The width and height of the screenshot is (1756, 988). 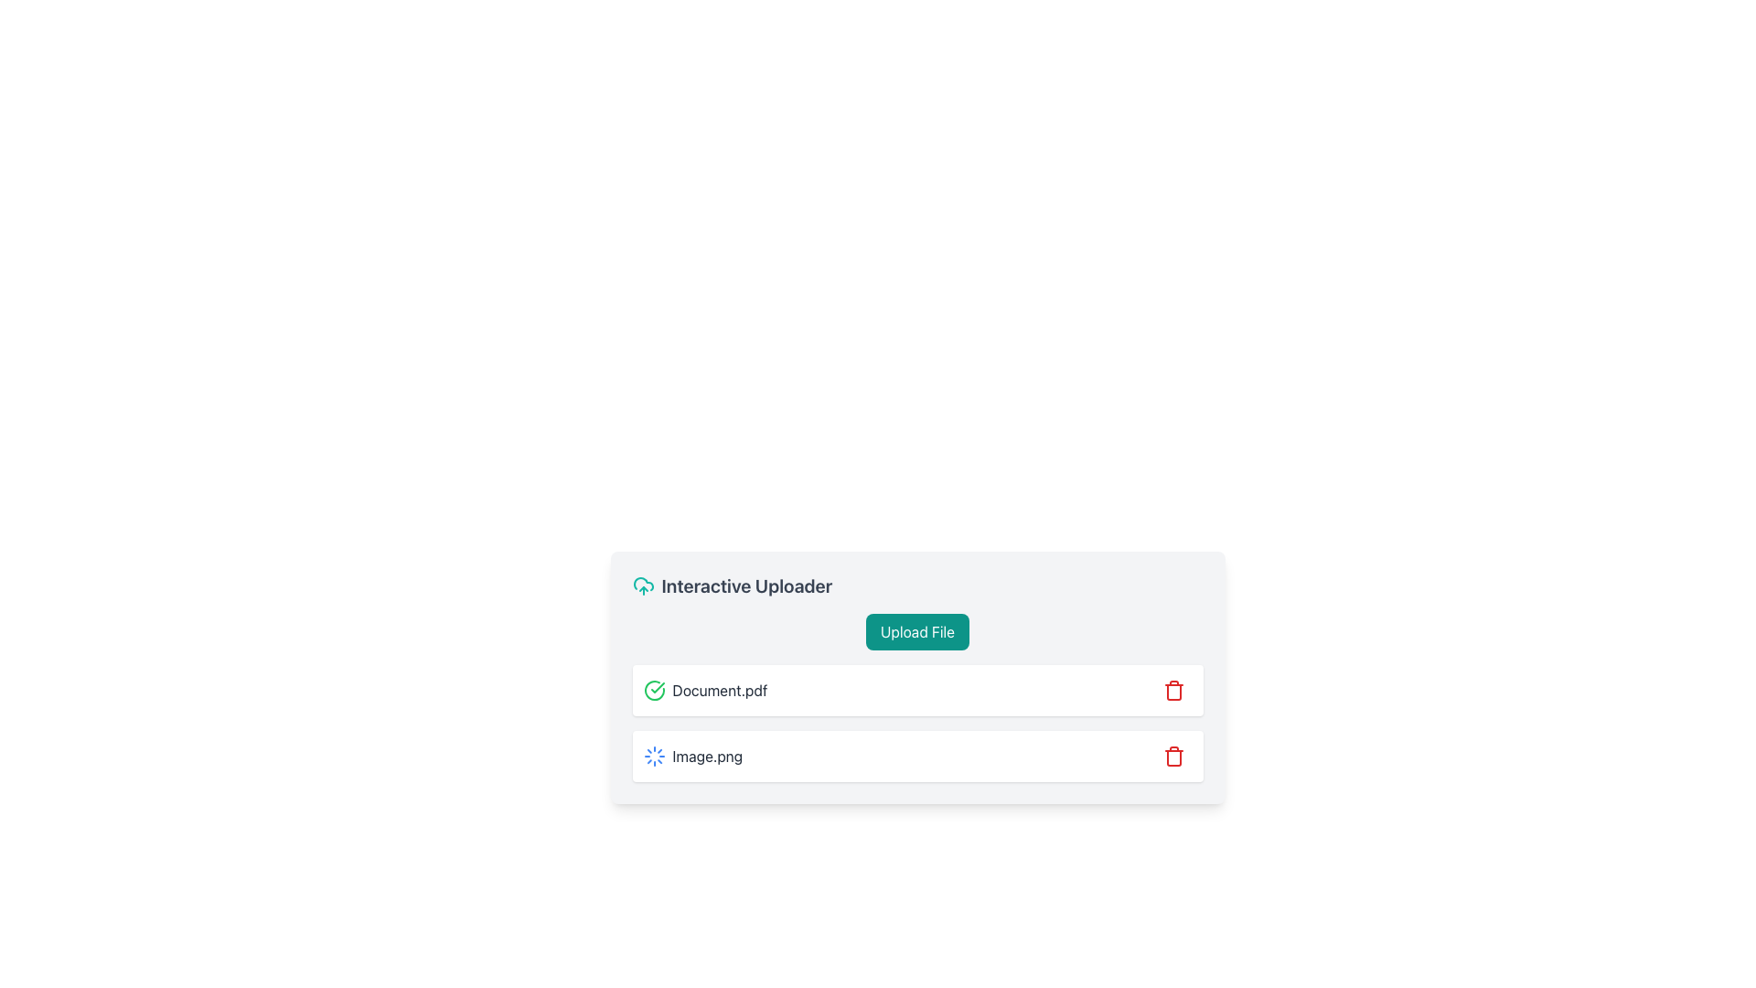 What do you see at coordinates (1173, 756) in the screenshot?
I see `the delete button icon associated with the file 'Image.png'` at bounding box center [1173, 756].